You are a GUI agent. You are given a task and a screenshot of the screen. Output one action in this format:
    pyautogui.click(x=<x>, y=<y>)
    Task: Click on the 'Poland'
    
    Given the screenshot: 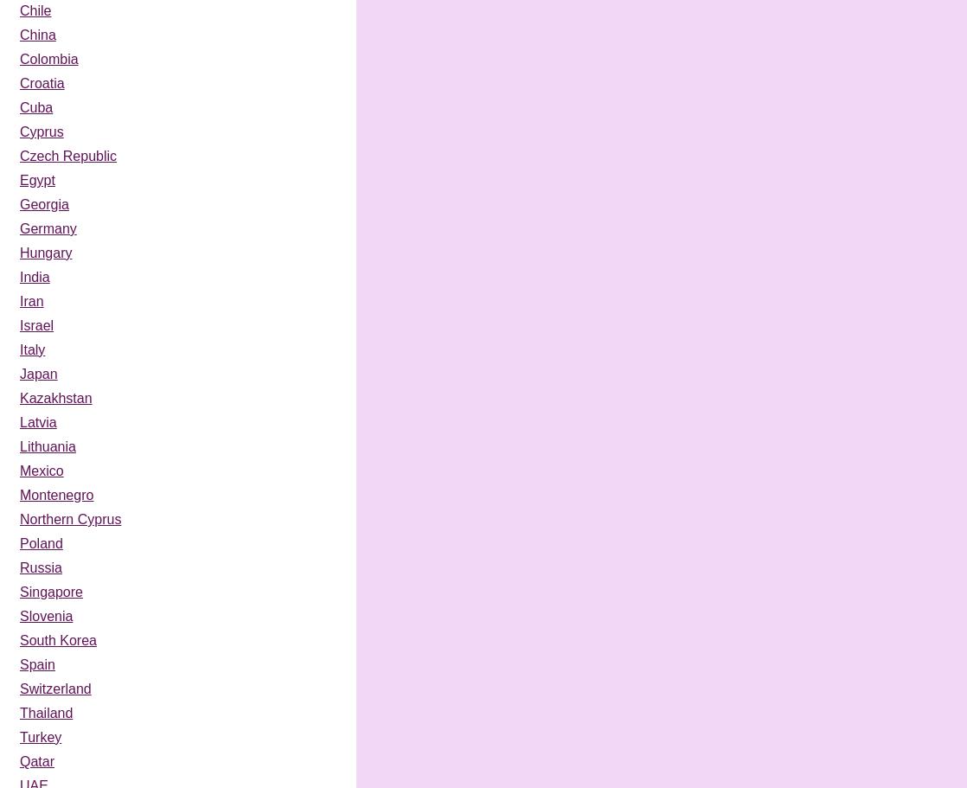 What is the action you would take?
    pyautogui.click(x=20, y=542)
    